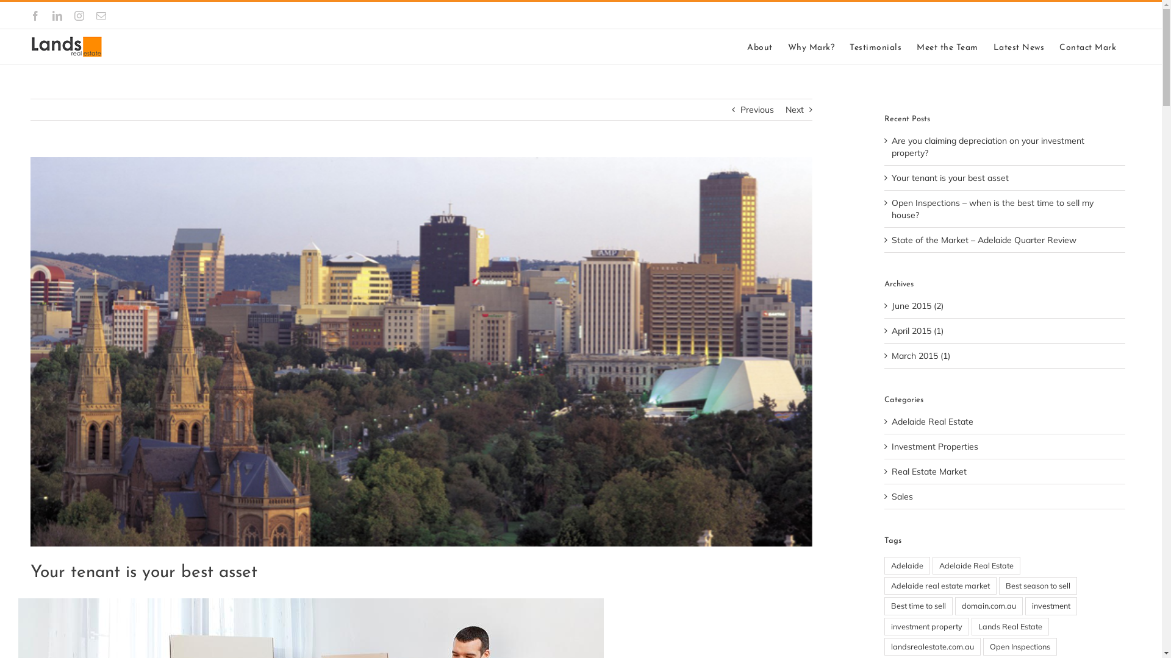 Image resolution: width=1171 pixels, height=658 pixels. I want to click on 'Facebook', so click(30, 16).